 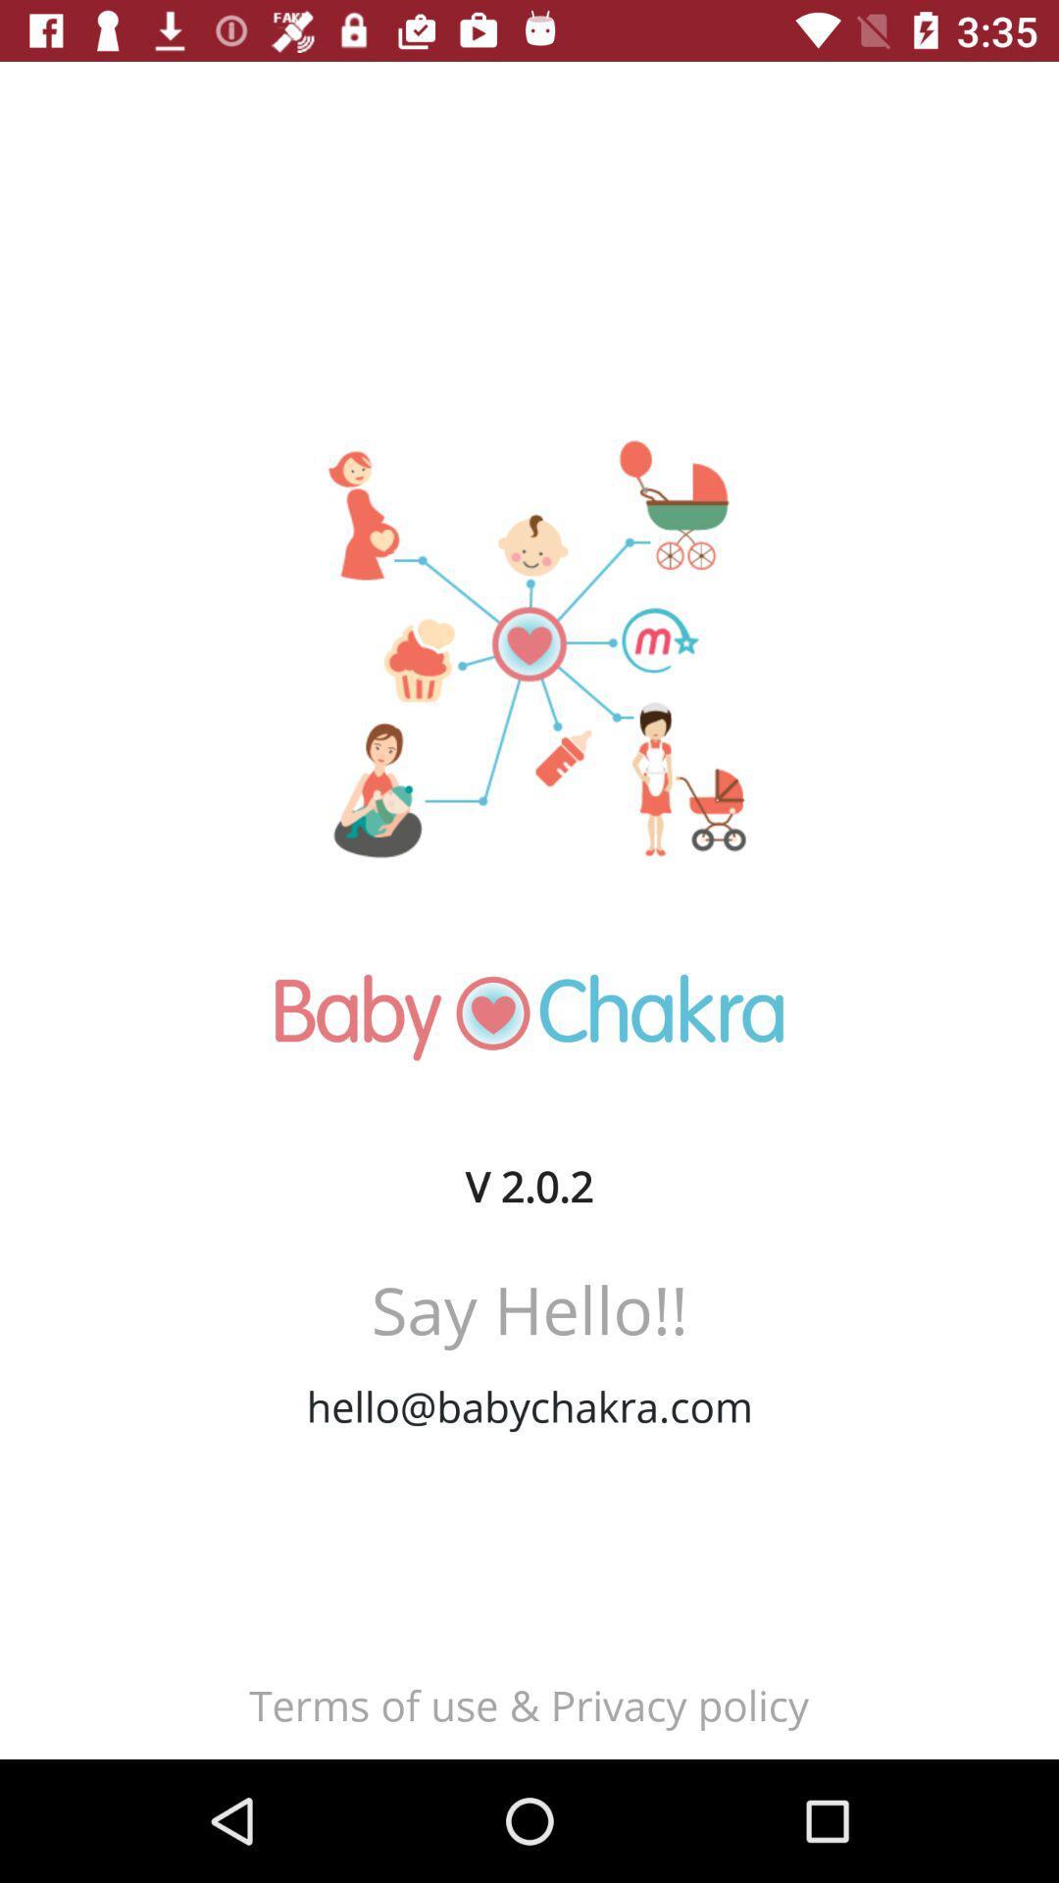 I want to click on the hello@babychakra.com icon, so click(x=529, y=1405).